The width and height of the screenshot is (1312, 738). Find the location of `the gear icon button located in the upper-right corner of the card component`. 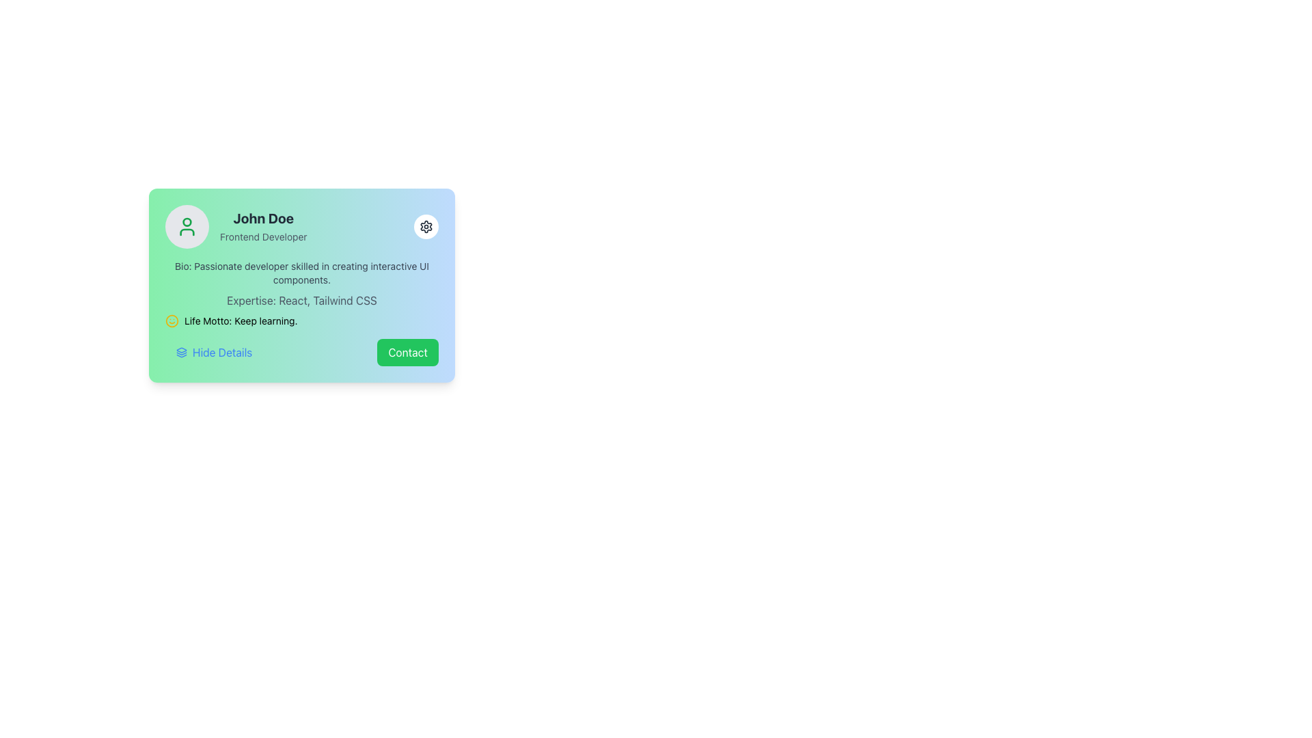

the gear icon button located in the upper-right corner of the card component is located at coordinates (426, 225).